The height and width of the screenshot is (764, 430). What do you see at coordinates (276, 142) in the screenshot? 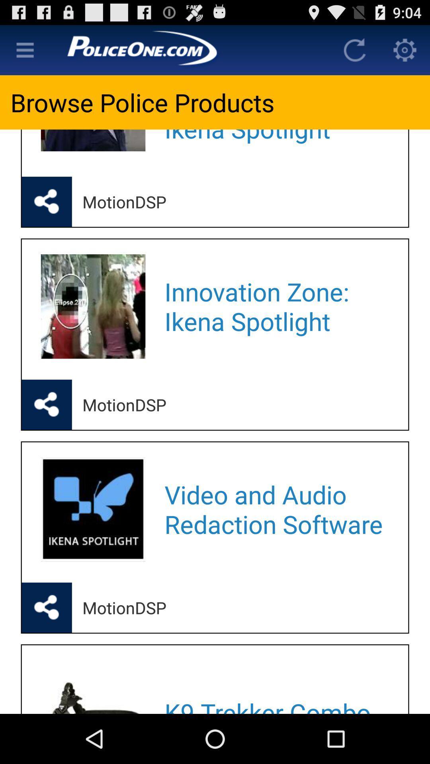
I see `attend an online` at bounding box center [276, 142].